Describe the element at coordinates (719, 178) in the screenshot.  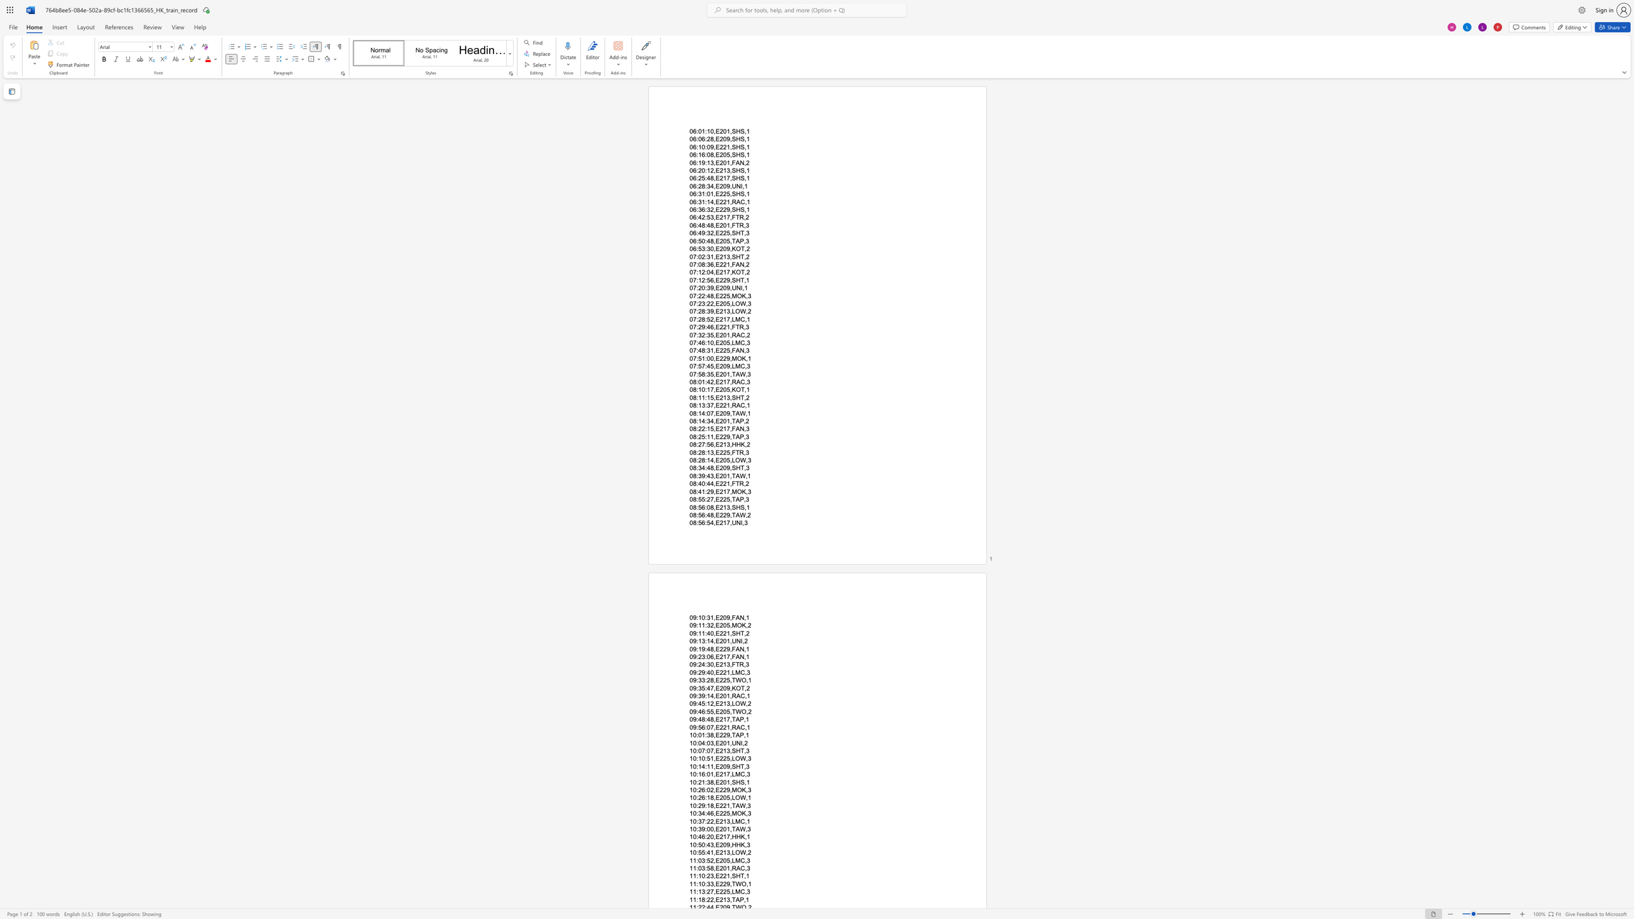
I see `the subset text "217,SHS," within the text "06:25:48,E217,SHS,1"` at that location.